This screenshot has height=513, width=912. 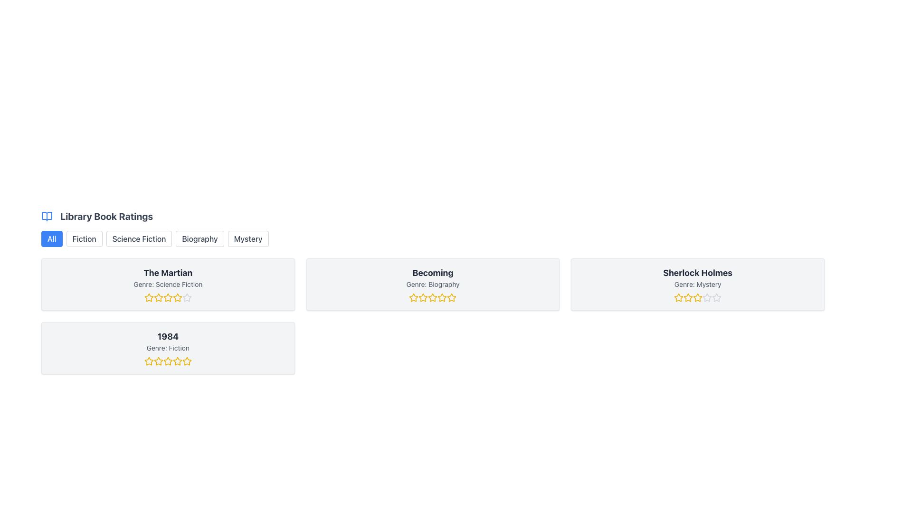 I want to click on the 'Fiction' button, which is the second button in a horizontal navigation bar, so click(x=84, y=238).